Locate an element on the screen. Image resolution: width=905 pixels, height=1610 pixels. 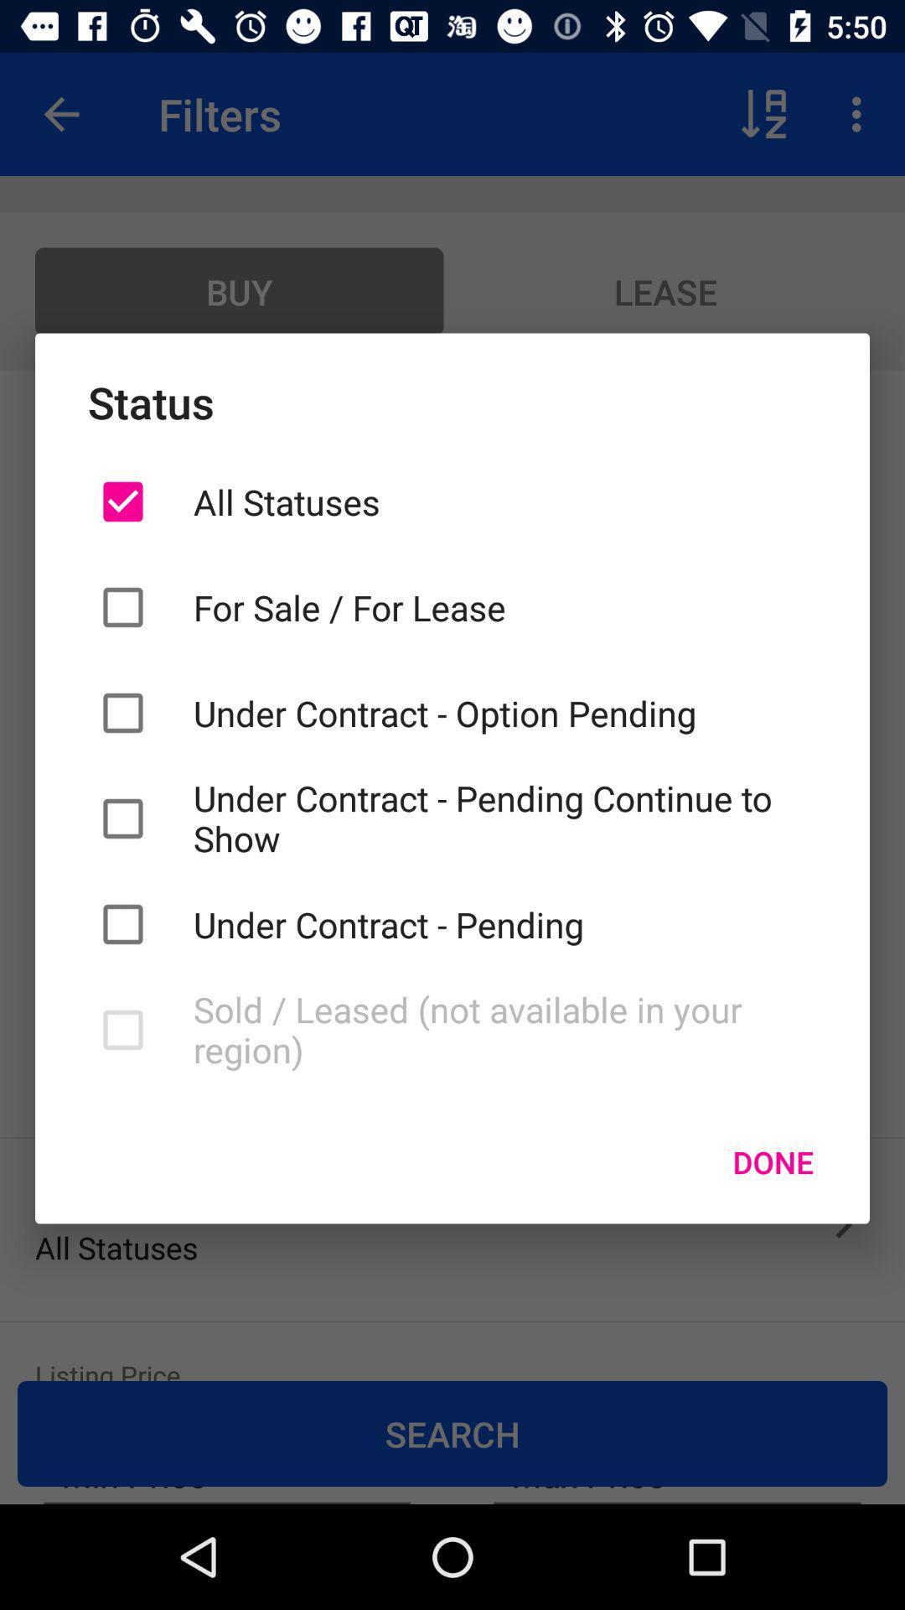
icon above the for sale for icon is located at coordinates (504, 501).